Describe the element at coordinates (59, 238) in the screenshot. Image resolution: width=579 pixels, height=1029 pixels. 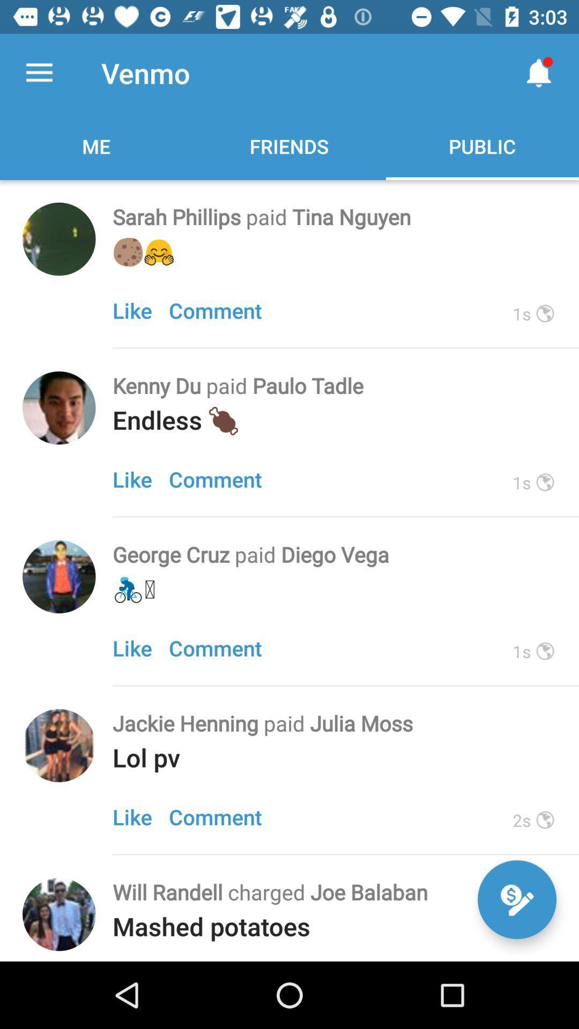
I see `profile picture of the user` at that location.